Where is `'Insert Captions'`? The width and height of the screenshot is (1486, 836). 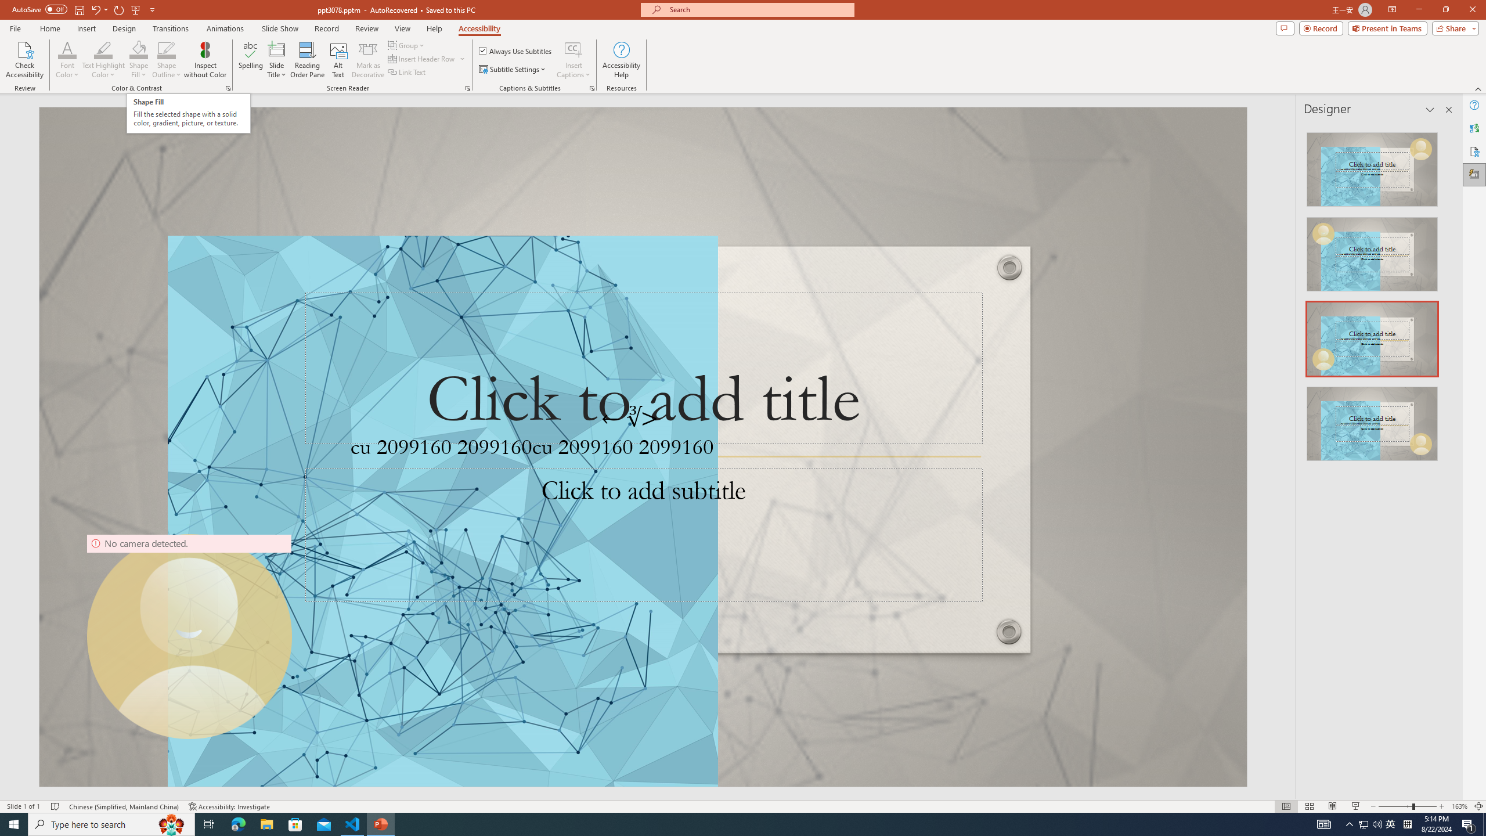 'Insert Captions' is located at coordinates (573, 49).